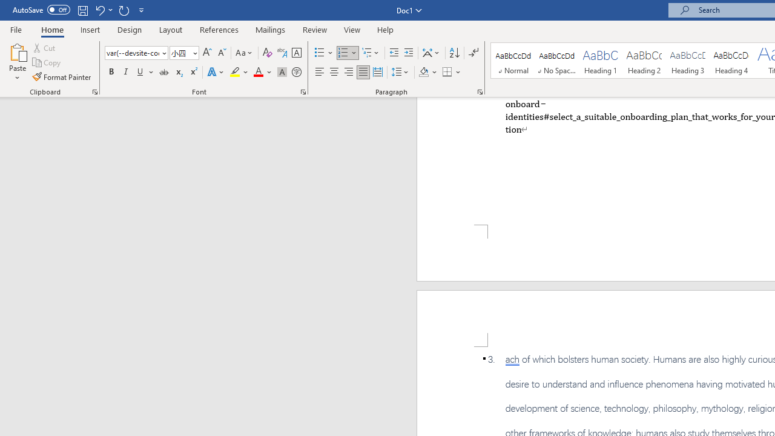 The image size is (775, 436). What do you see at coordinates (281, 72) in the screenshot?
I see `'Character Shading'` at bounding box center [281, 72].